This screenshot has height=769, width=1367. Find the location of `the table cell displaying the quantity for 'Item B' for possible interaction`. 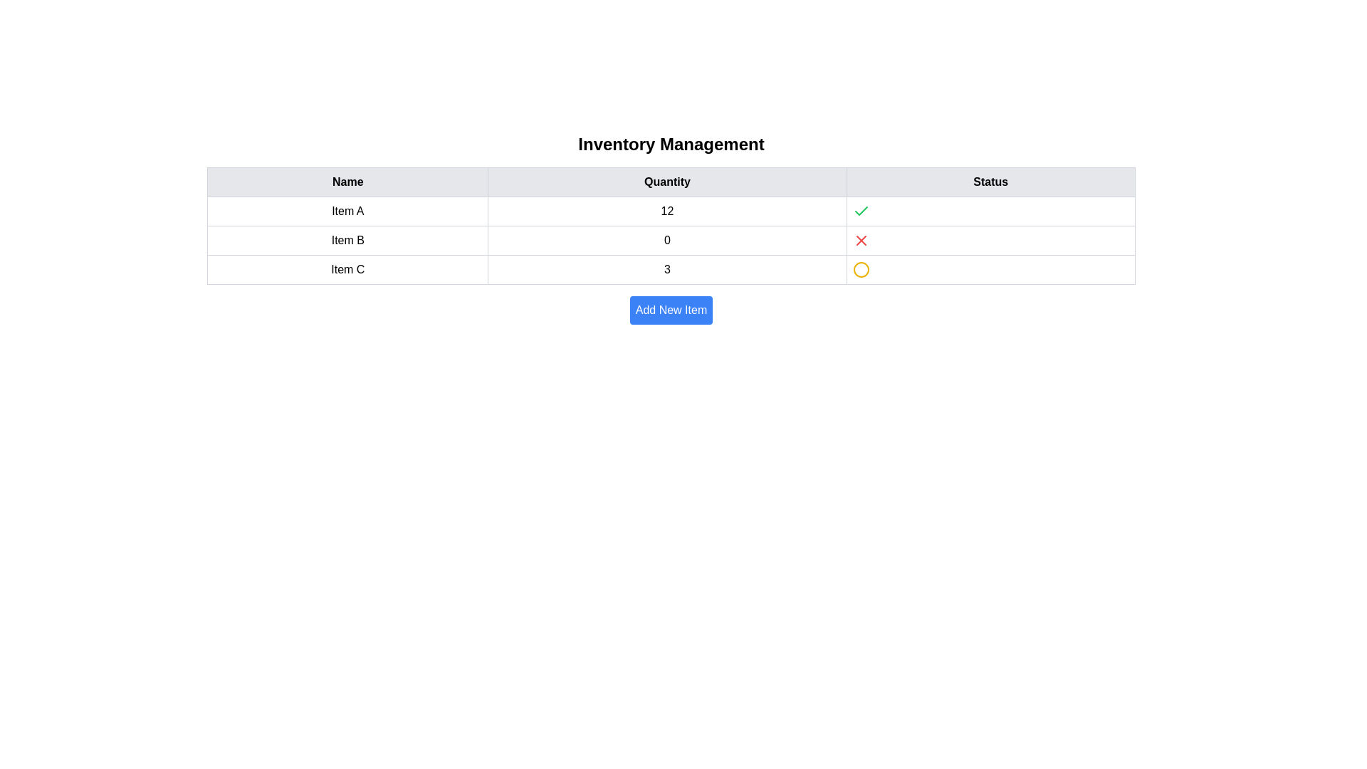

the table cell displaying the quantity for 'Item B' for possible interaction is located at coordinates (666, 240).